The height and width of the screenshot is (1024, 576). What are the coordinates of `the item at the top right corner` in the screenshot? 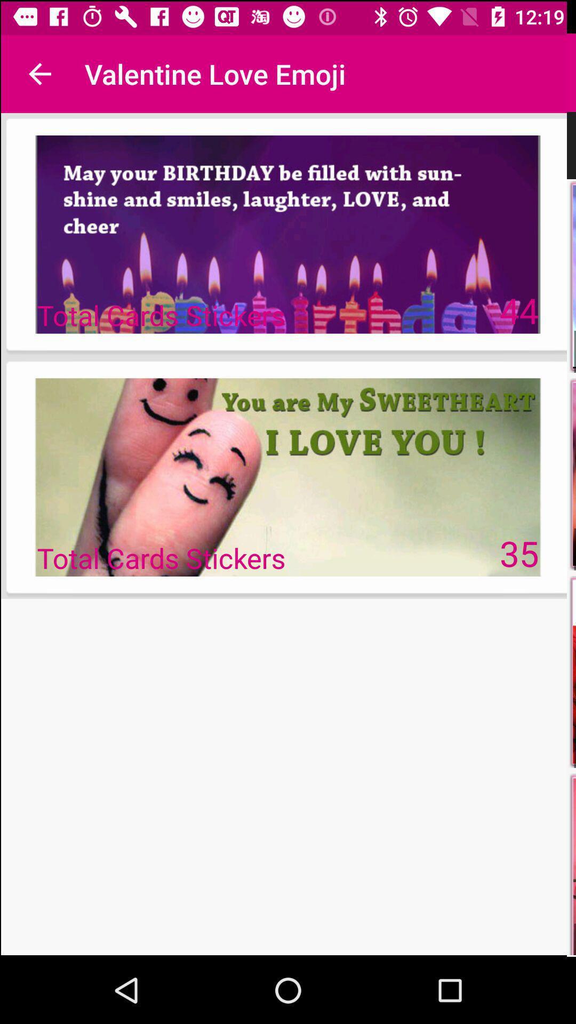 It's located at (519, 309).